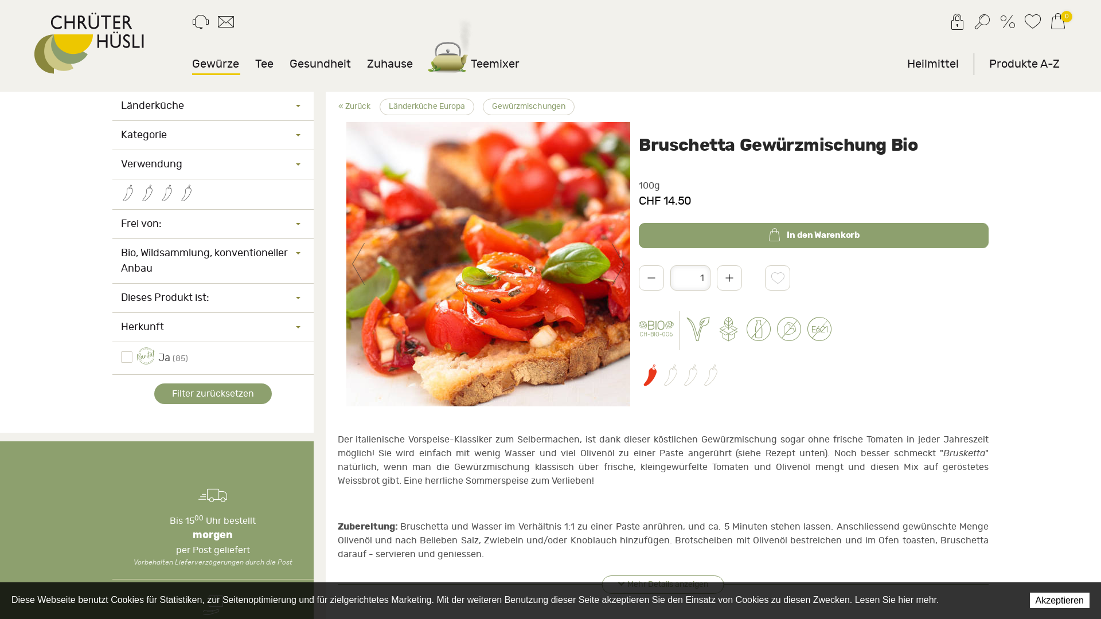 The height and width of the screenshot is (619, 1101). Describe the element at coordinates (474, 64) in the screenshot. I see `'Teemixer'` at that location.